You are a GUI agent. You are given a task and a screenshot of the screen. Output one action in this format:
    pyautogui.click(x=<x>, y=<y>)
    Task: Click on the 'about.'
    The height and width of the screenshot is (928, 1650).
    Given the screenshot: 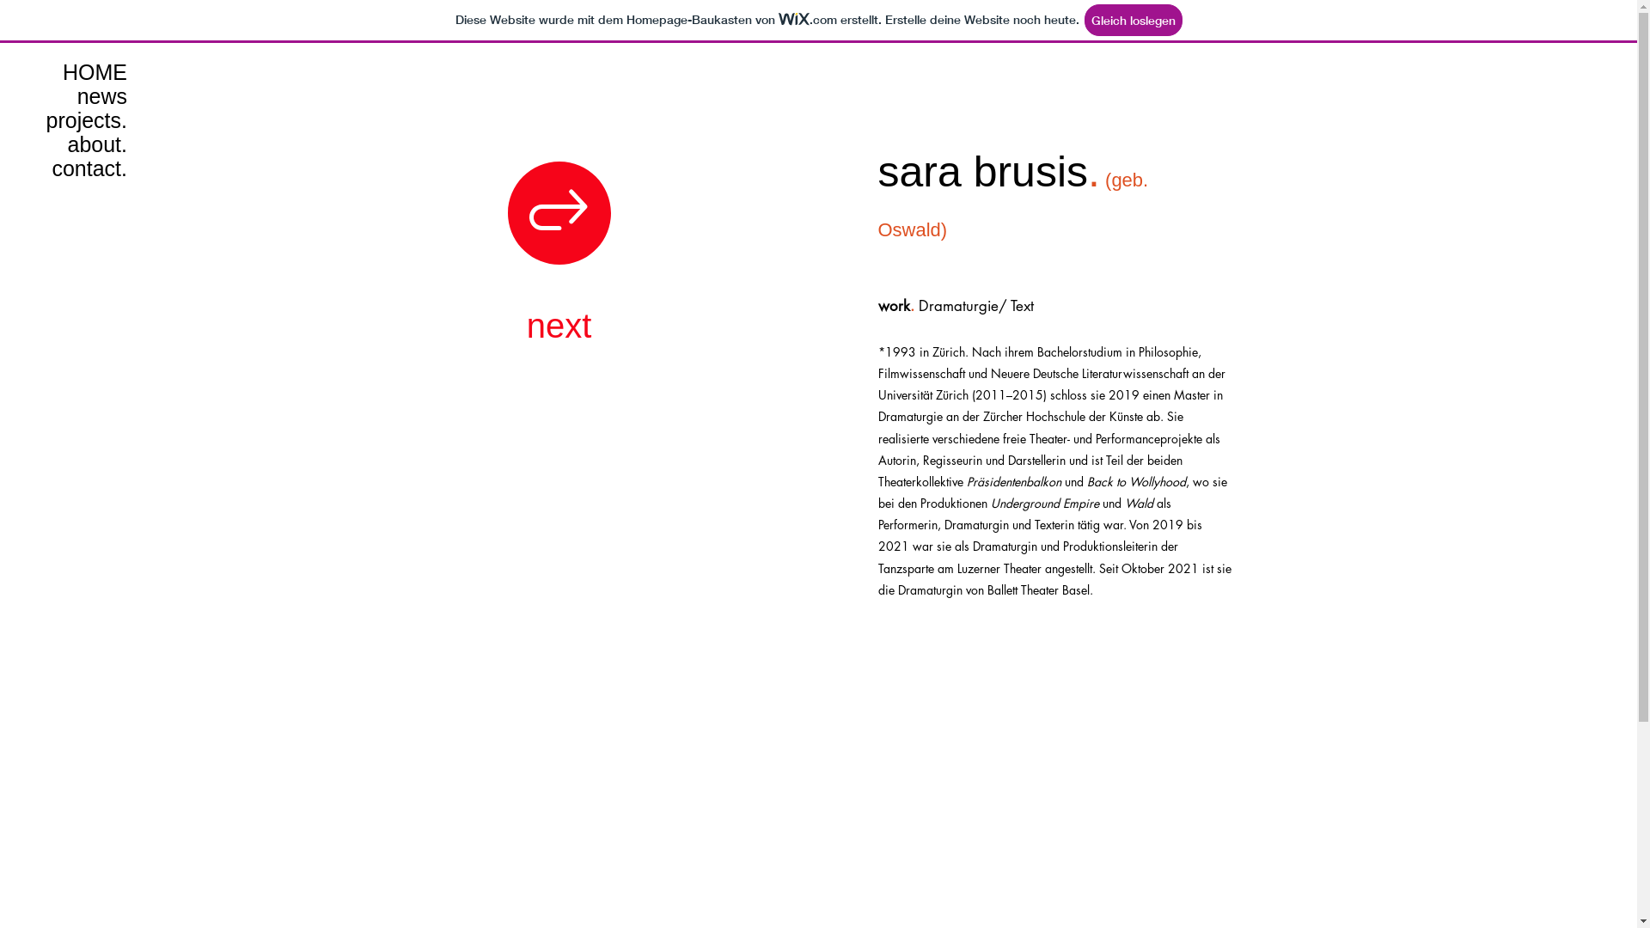 What is the action you would take?
    pyautogui.click(x=71, y=143)
    